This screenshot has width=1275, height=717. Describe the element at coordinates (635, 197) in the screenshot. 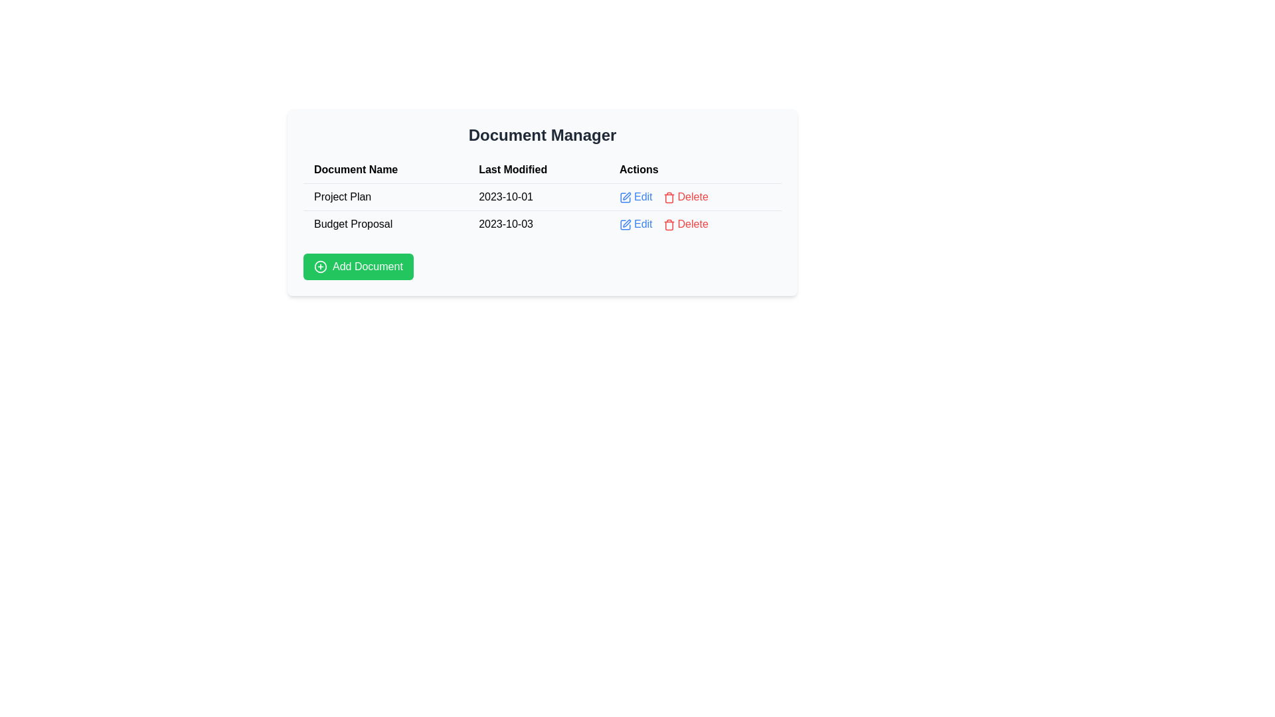

I see `the 'Edit' text link with the pen icon in the 'Actions' column of the first row in the 'Document Manager' table` at that location.